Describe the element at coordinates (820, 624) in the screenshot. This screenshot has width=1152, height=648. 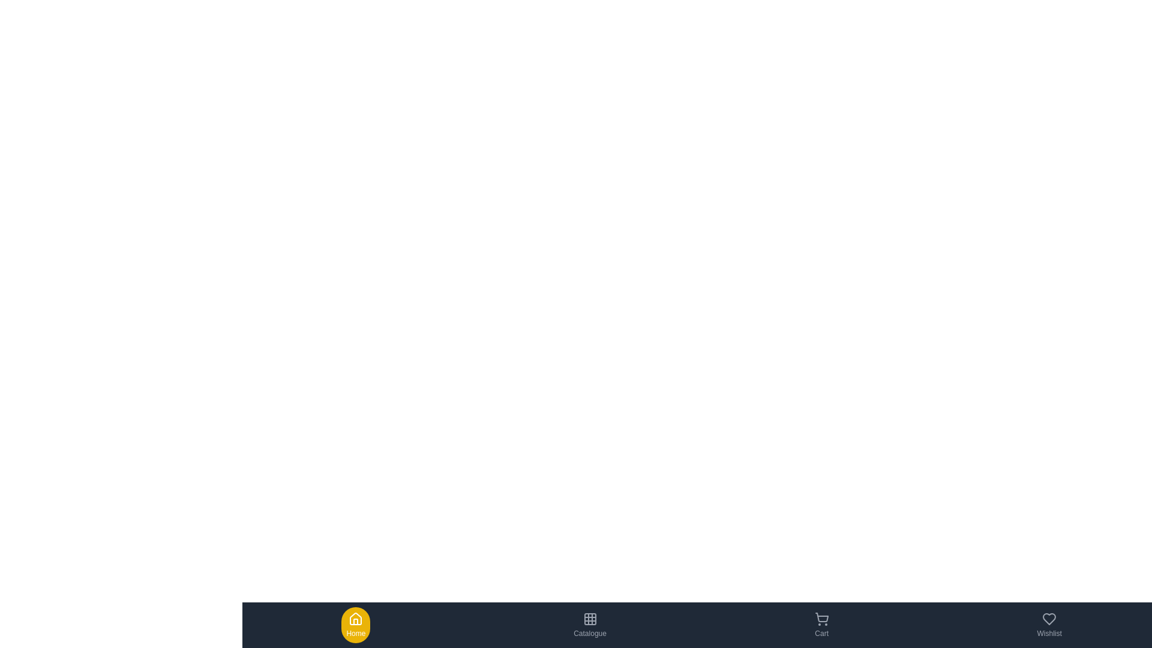
I see `the Cart tab to navigate to its section` at that location.